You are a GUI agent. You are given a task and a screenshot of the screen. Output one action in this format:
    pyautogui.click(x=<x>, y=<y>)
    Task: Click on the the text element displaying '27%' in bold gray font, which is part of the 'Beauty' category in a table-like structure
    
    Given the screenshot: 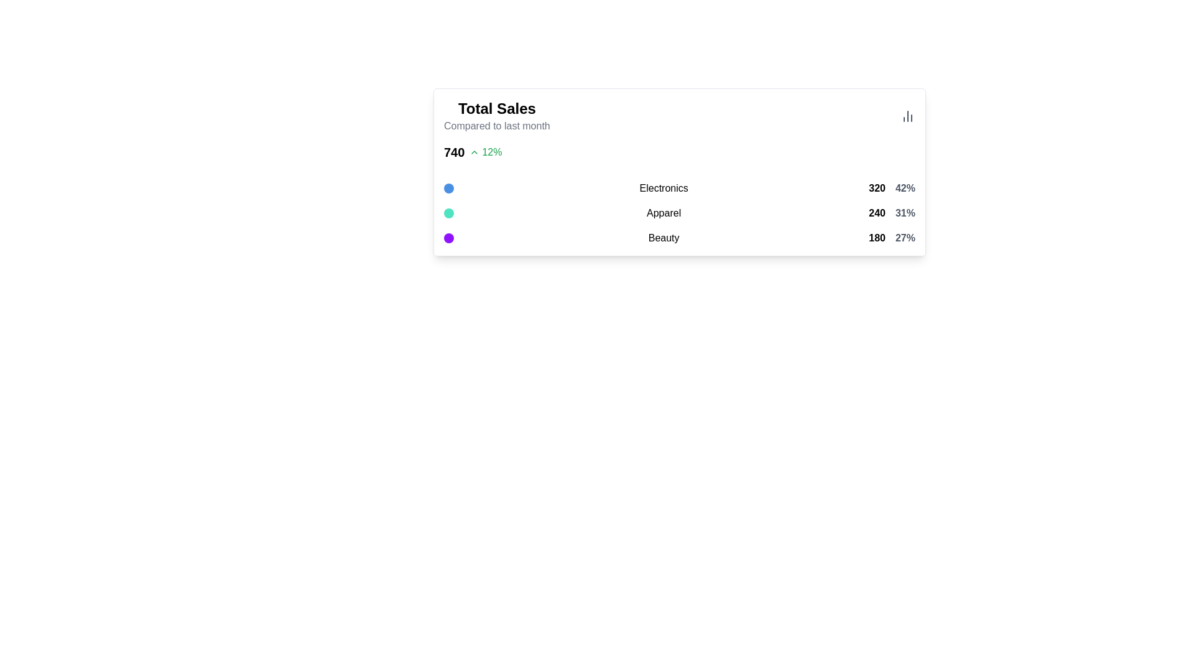 What is the action you would take?
    pyautogui.click(x=905, y=238)
    